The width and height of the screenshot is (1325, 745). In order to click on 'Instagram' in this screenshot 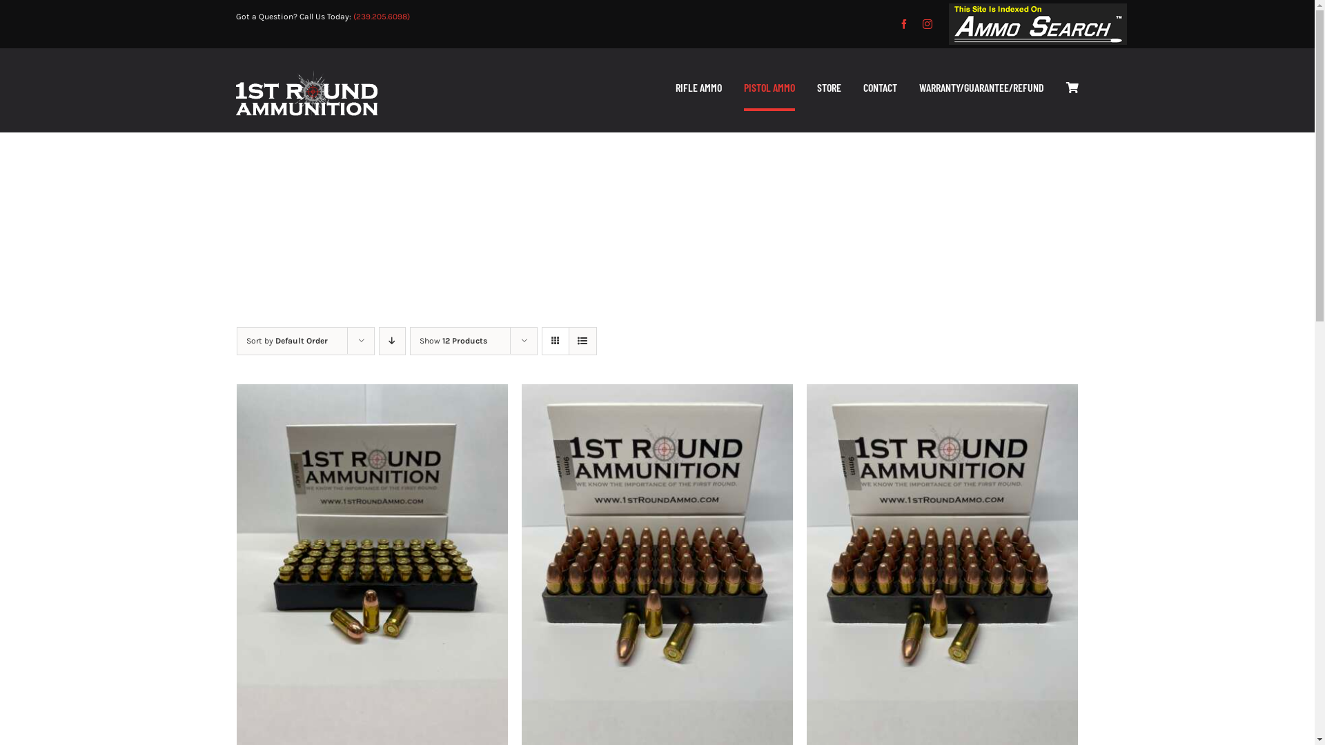, I will do `click(927, 23)`.